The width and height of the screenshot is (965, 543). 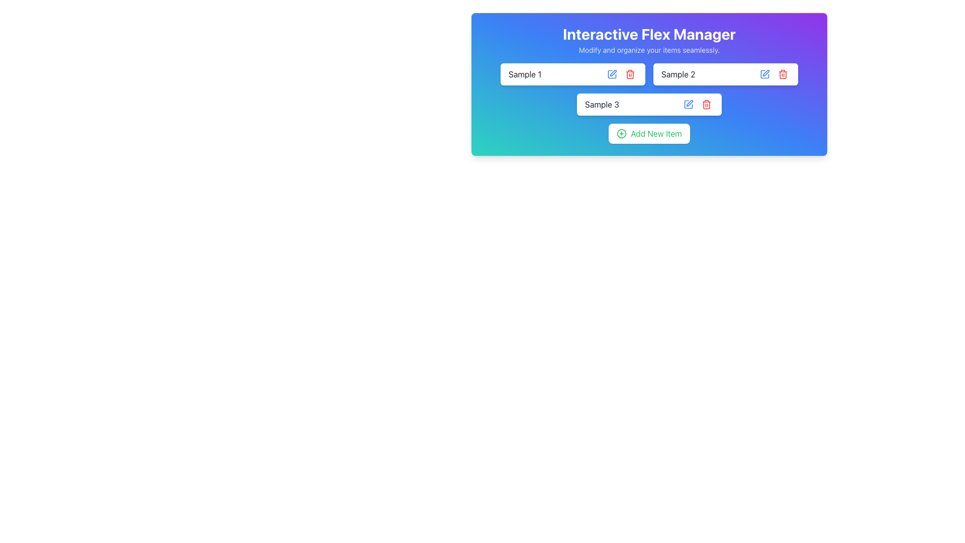 What do you see at coordinates (649, 34) in the screenshot?
I see `the text label that reads 'Interactive Flex Manager', which is prominently styled in bold, large white sans-serif font and positioned at the top center of the interface` at bounding box center [649, 34].